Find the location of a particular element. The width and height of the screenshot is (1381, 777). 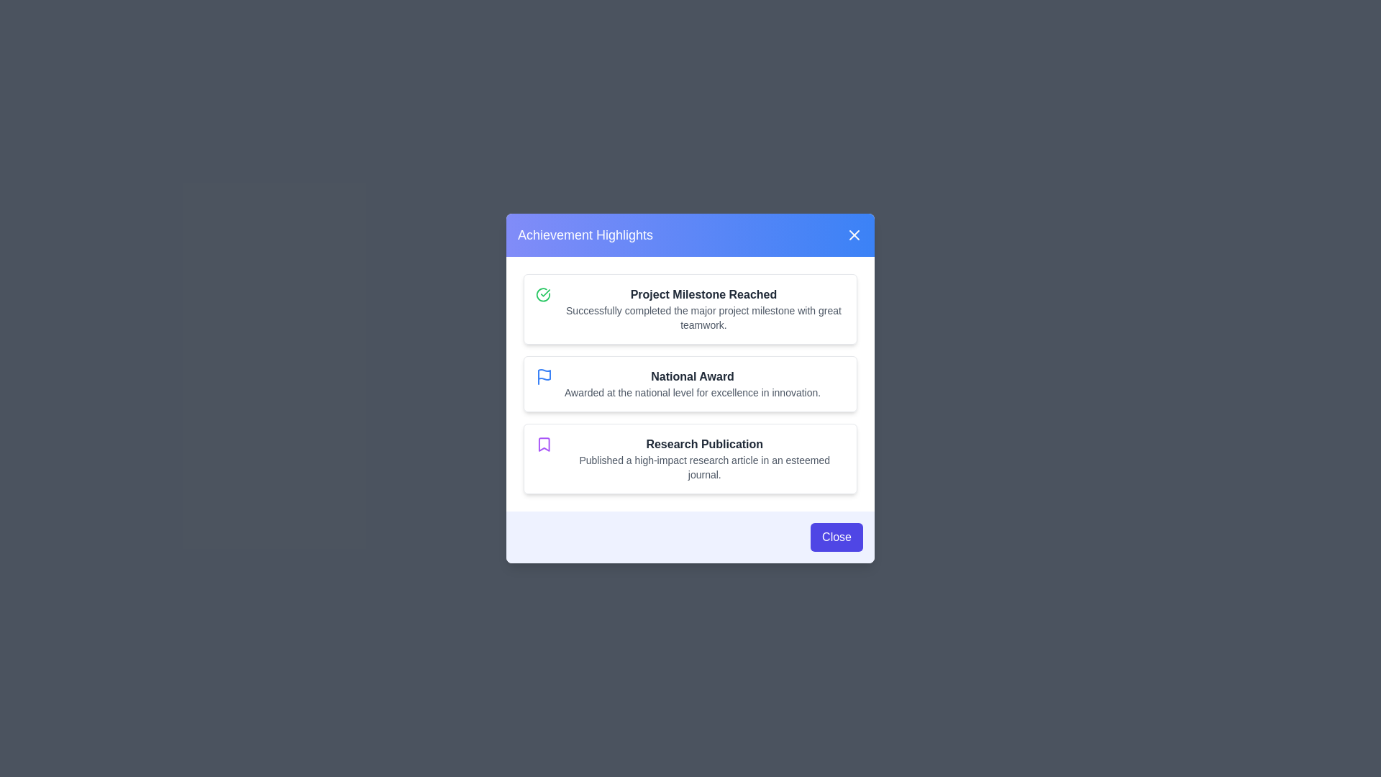

the informational text that reads 'Awarded at the national level for excellence in innovation.', which is styled in gray font and located below the header 'National Award' in the second achievement card of the modal window is located at coordinates (693, 393).